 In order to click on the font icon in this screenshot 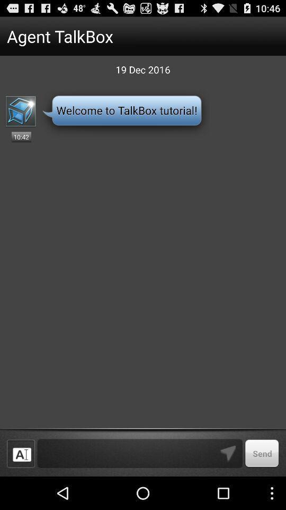, I will do `click(21, 486)`.